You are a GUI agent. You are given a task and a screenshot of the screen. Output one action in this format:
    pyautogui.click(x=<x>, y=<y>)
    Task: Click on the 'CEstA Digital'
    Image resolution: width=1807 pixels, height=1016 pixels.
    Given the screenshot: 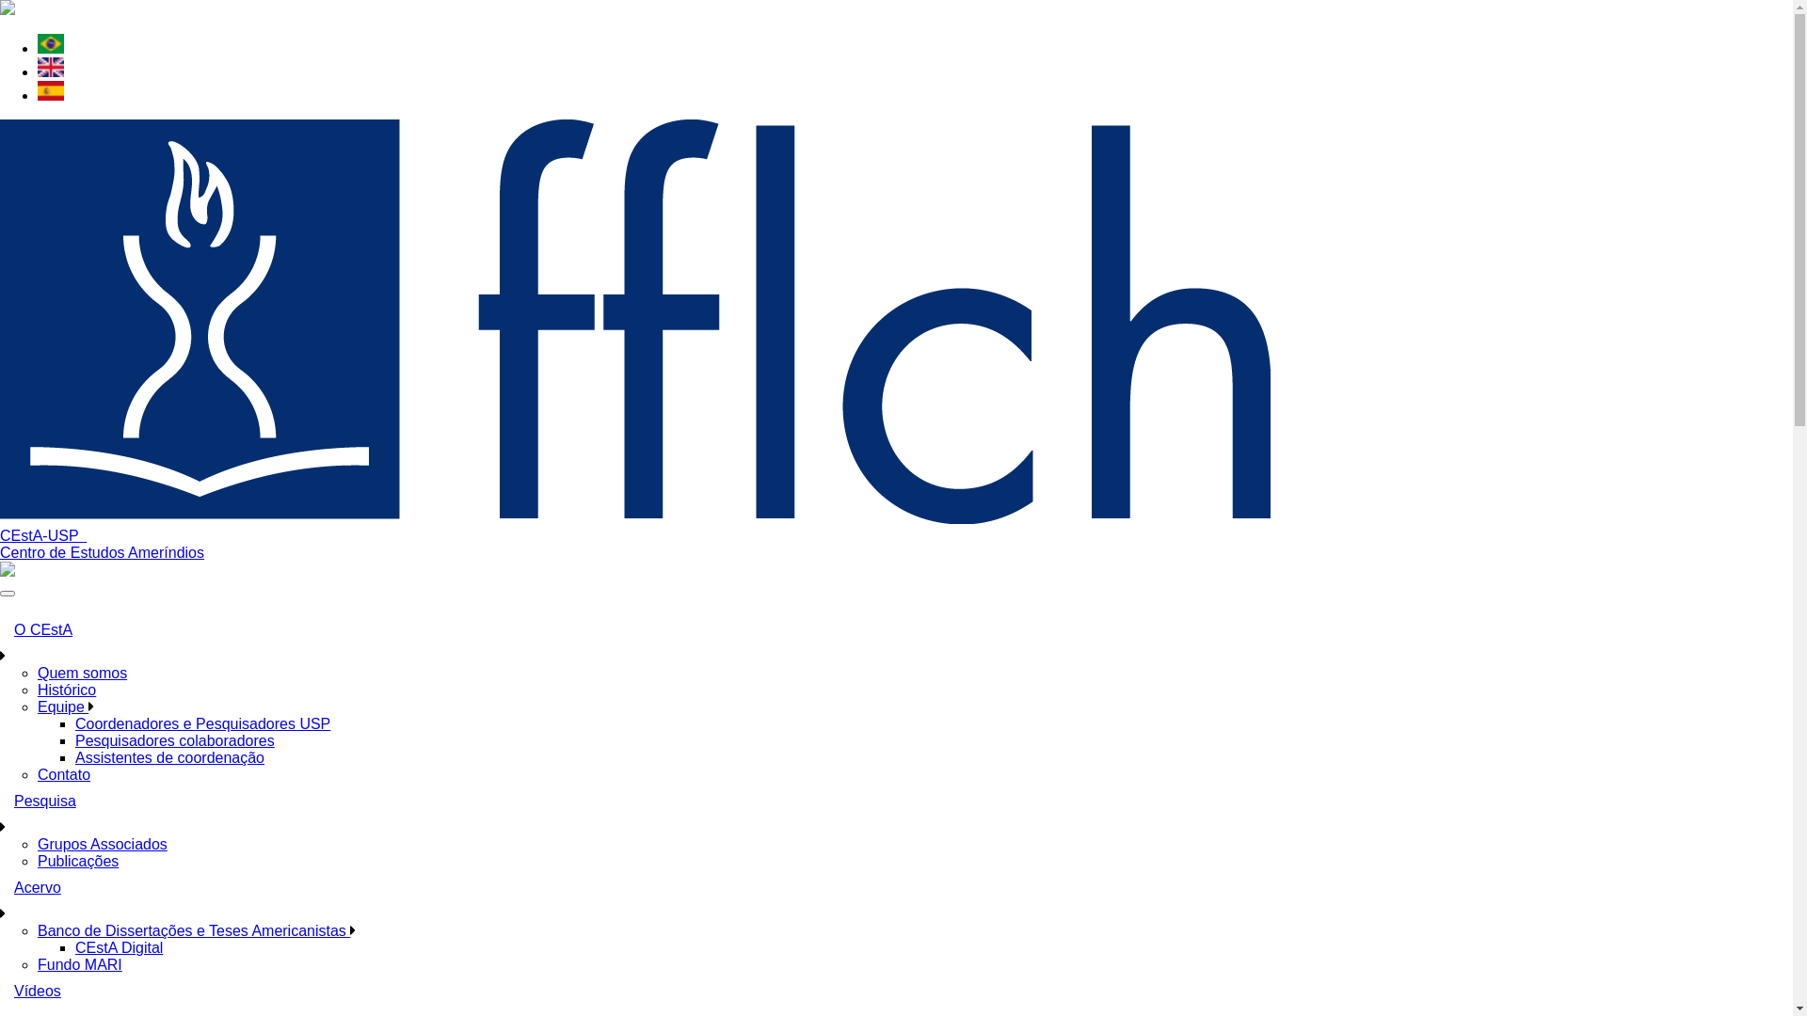 What is the action you would take?
    pyautogui.click(x=118, y=947)
    